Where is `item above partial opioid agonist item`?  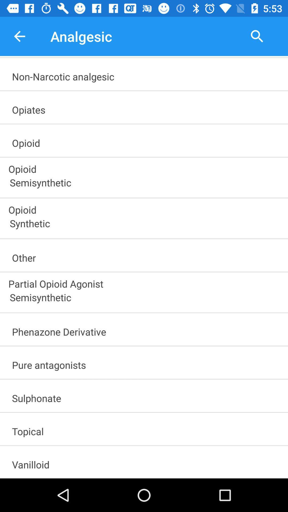
item above partial opioid agonist item is located at coordinates (146, 256).